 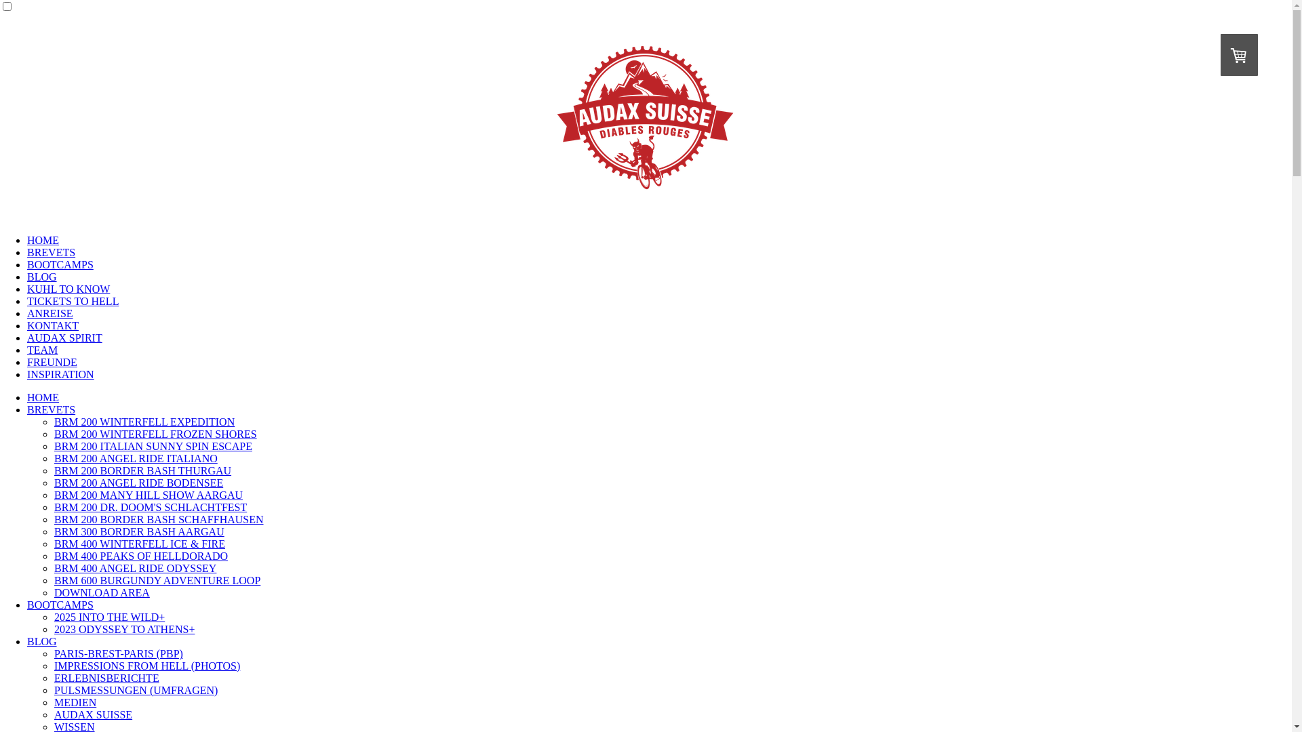 I want to click on 'AUDAX SUISSE', so click(x=92, y=714).